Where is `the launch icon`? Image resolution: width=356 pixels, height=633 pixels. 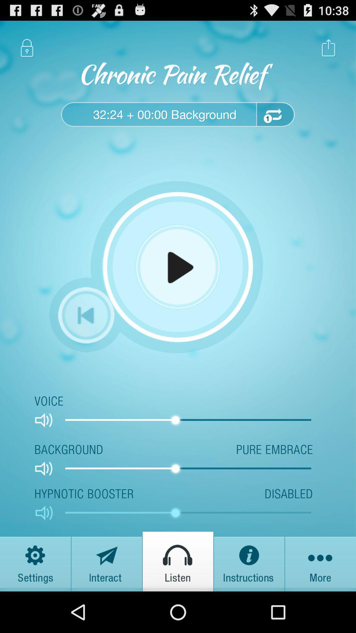
the launch icon is located at coordinates (329, 51).